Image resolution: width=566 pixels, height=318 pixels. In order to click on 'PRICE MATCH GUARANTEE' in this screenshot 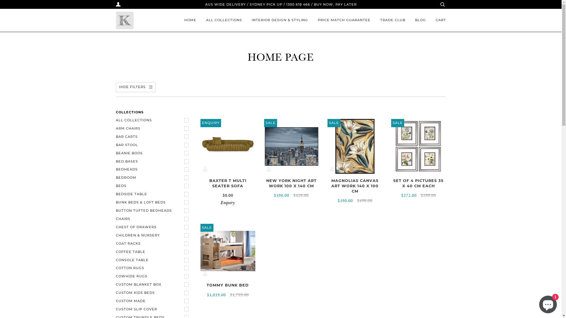, I will do `click(344, 20)`.